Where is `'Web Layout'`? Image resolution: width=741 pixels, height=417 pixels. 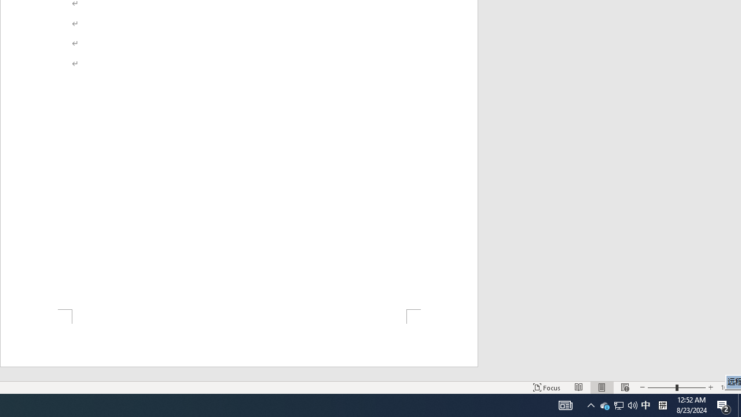 'Web Layout' is located at coordinates (632, 404).